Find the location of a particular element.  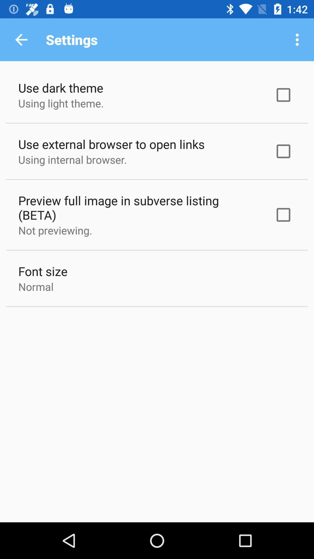

the item at the center is located at coordinates (139, 208).